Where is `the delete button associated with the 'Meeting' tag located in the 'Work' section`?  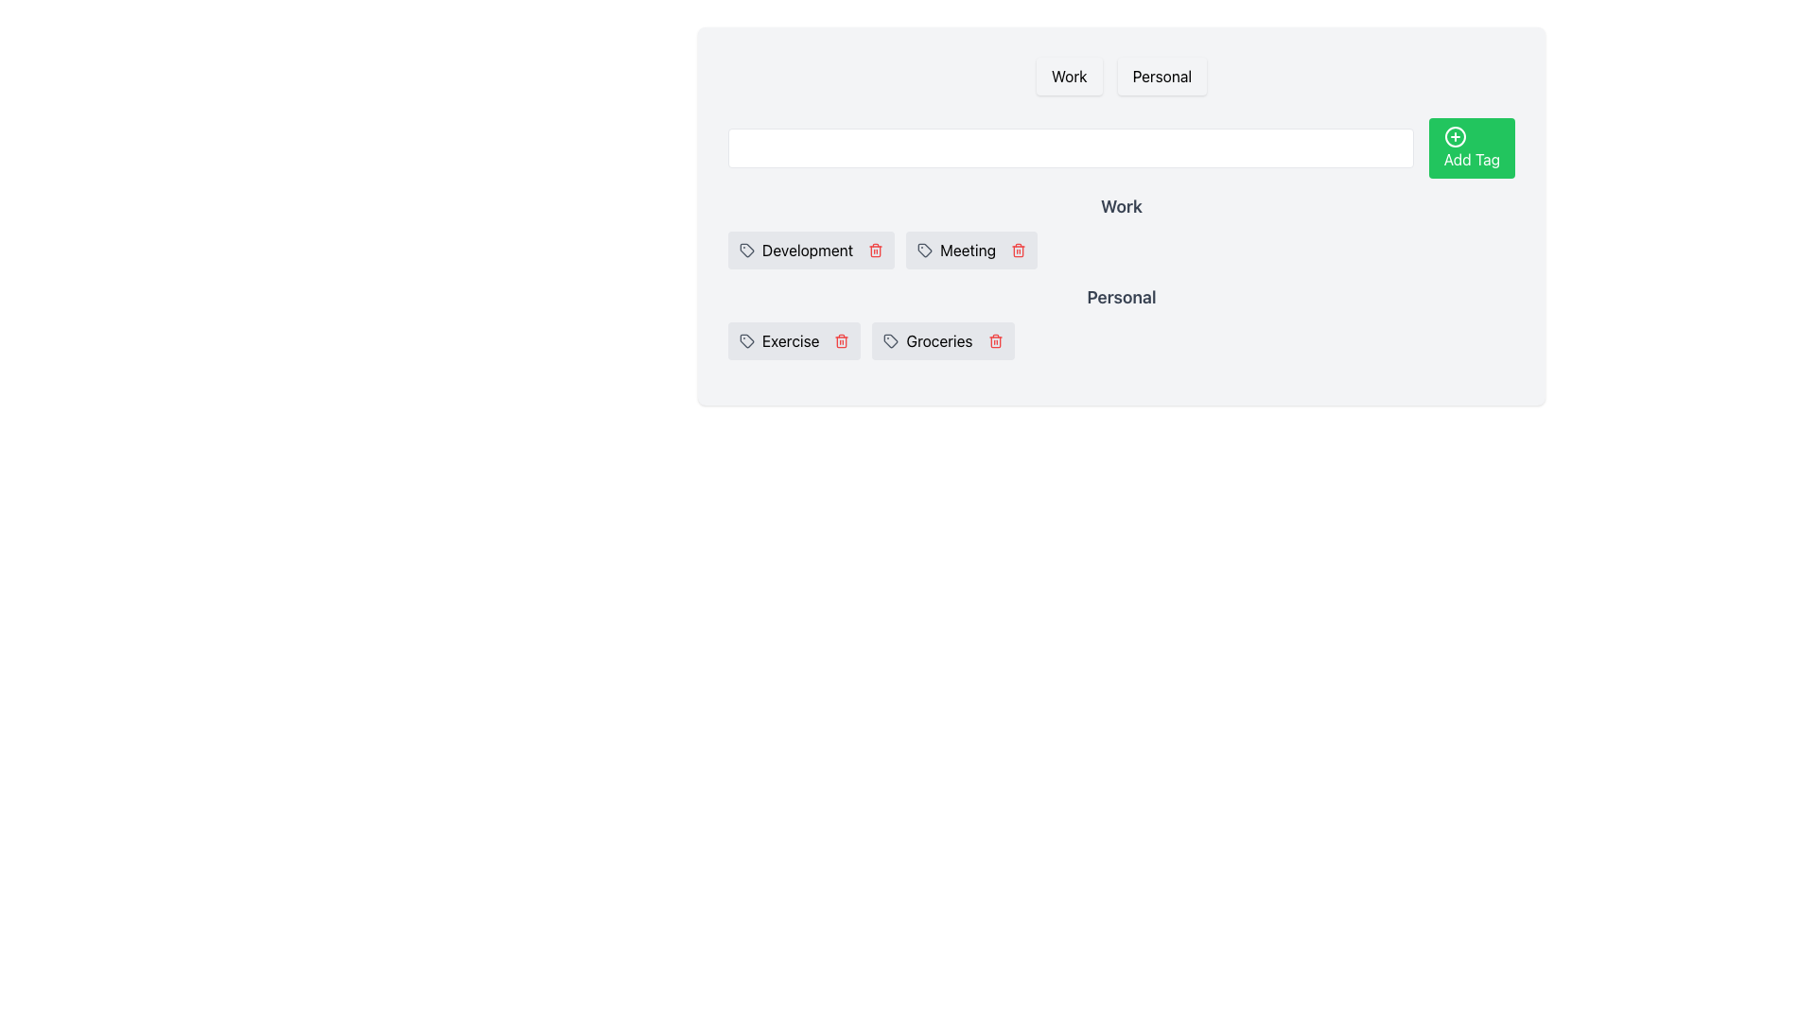 the delete button associated with the 'Meeting' tag located in the 'Work' section is located at coordinates (1018, 250).